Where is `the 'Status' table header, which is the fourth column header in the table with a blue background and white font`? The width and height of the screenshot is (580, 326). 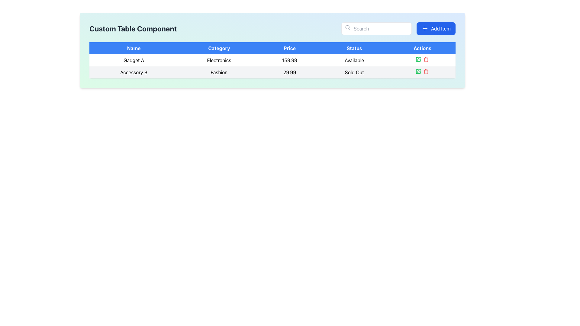
the 'Status' table header, which is the fourth column header in the table with a blue background and white font is located at coordinates (354, 48).